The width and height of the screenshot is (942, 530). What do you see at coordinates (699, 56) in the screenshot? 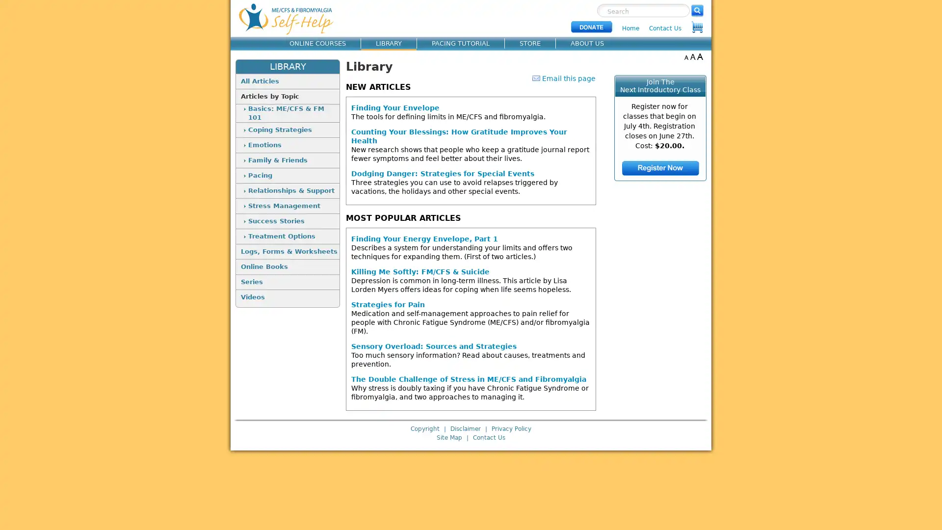
I see `A` at bounding box center [699, 56].